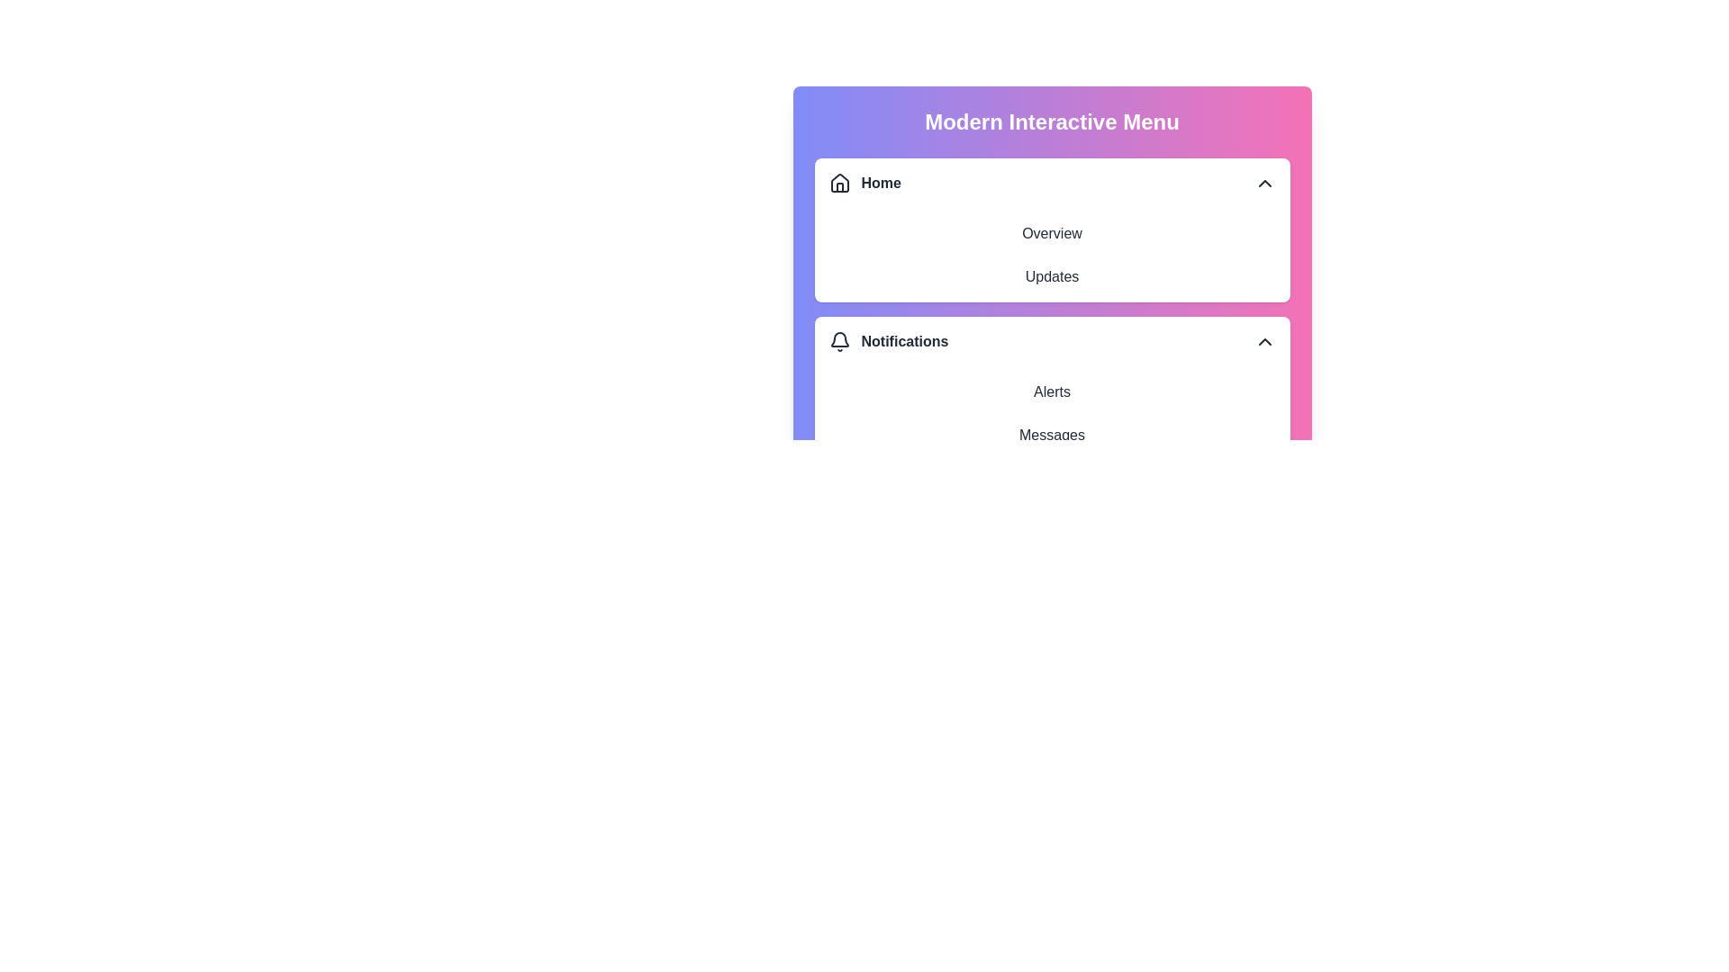  Describe the element at coordinates (1263, 184) in the screenshot. I see `the toggle icon next to the Home section title` at that location.